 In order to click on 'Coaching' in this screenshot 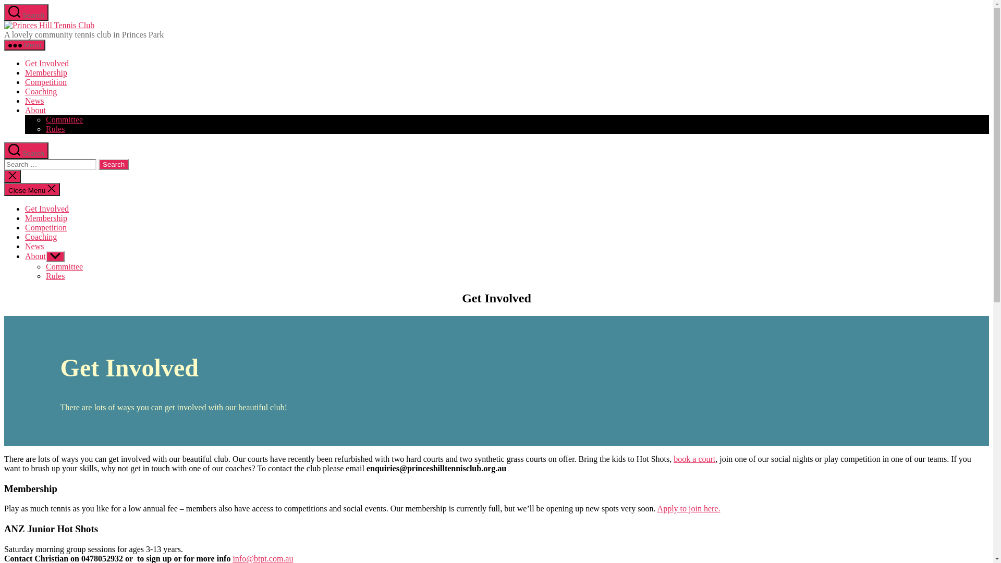, I will do `click(41, 91)`.